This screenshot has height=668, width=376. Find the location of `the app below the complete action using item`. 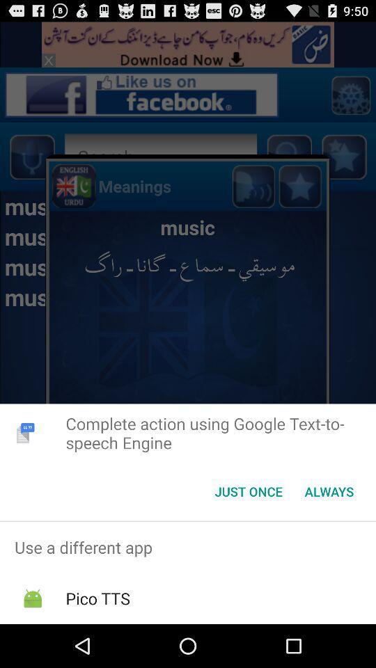

the app below the complete action using item is located at coordinates (329, 491).